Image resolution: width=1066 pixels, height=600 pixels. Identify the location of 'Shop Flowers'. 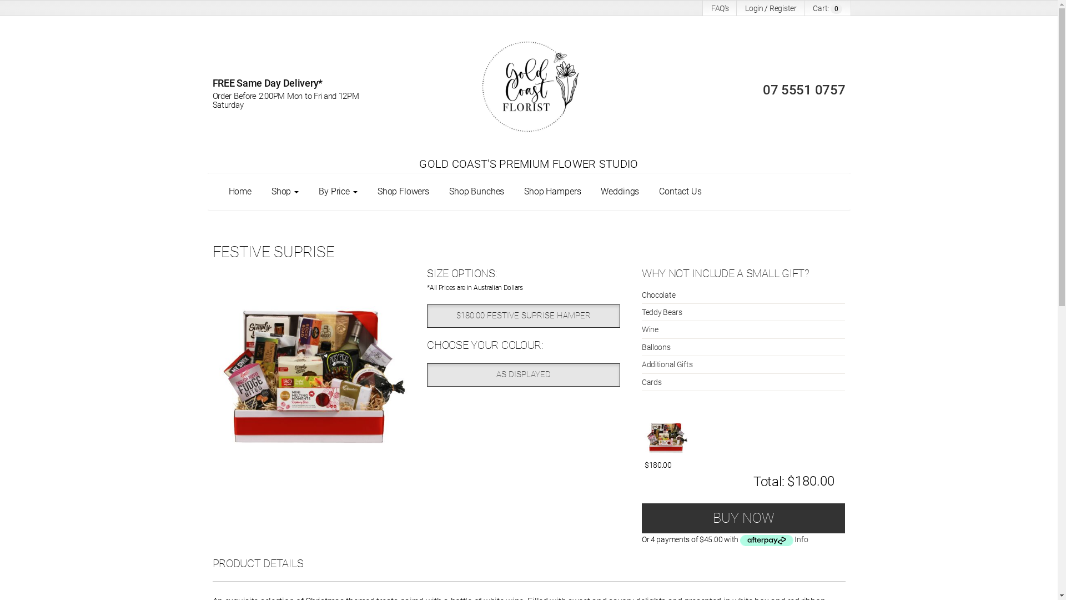
(403, 191).